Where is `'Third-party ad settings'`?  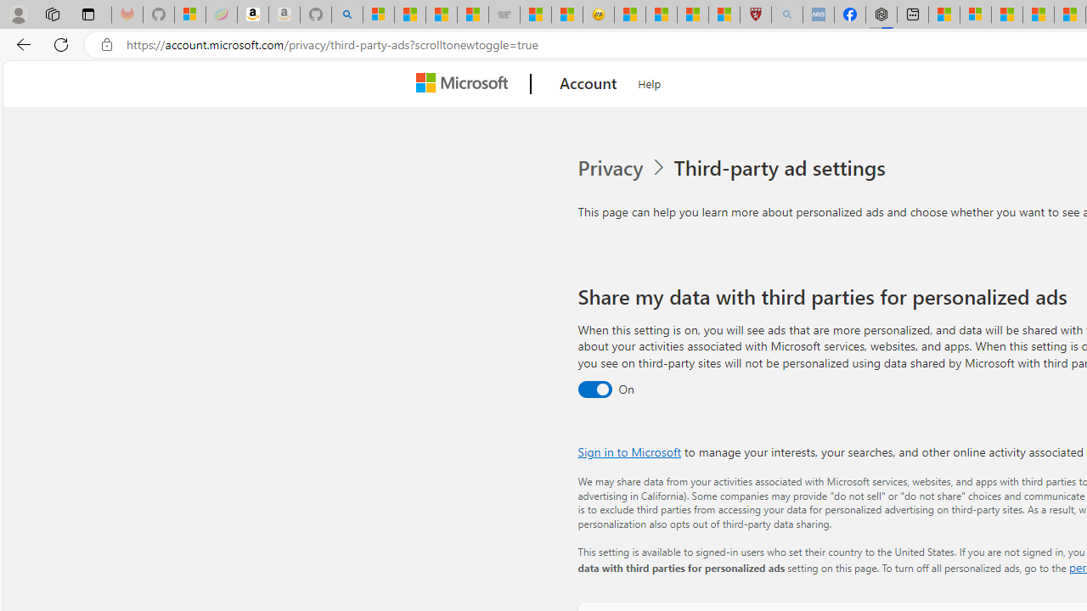 'Third-party ad settings' is located at coordinates (782, 168).